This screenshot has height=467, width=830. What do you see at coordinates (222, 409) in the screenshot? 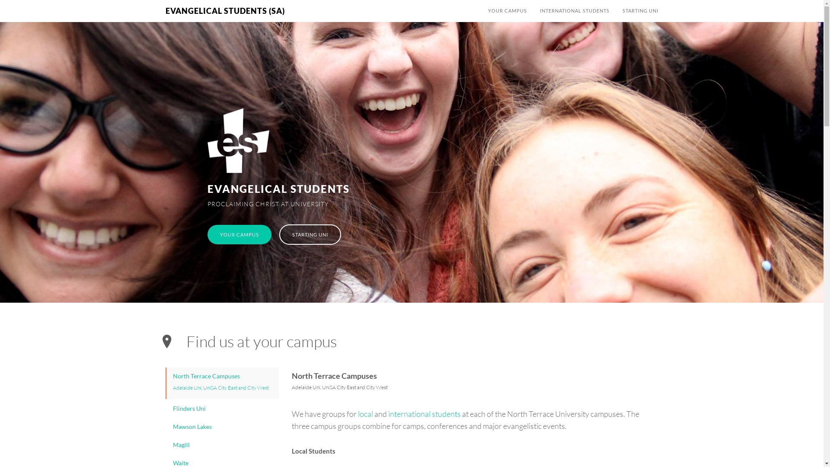
I see `'Flinders Uni'` at bounding box center [222, 409].